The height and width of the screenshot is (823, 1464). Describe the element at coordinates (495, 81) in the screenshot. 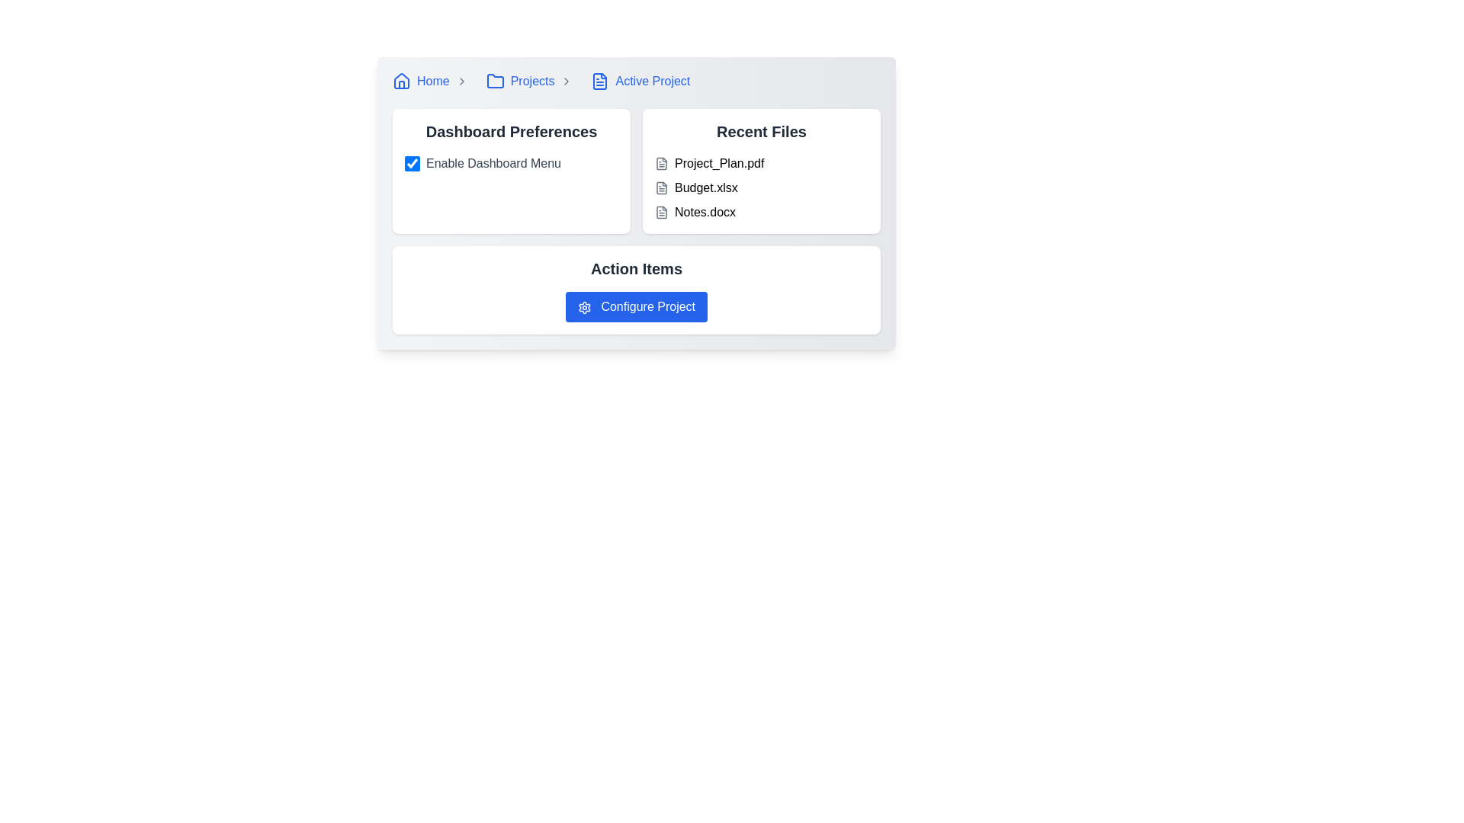

I see `the folder icon representing the 'Projects' page in the breadcrumb trail navigation` at that location.